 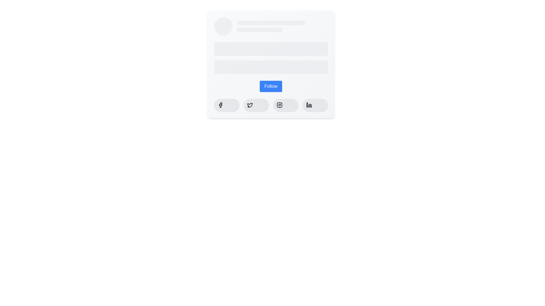 I want to click on the 'Follow' button located above the row of circular social media icons, so click(x=271, y=86).